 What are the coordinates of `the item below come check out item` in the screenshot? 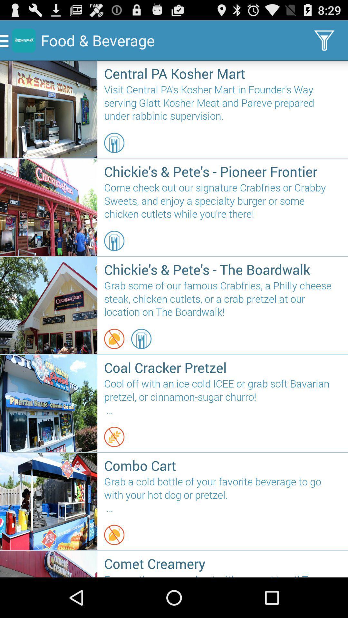 It's located at (114, 240).